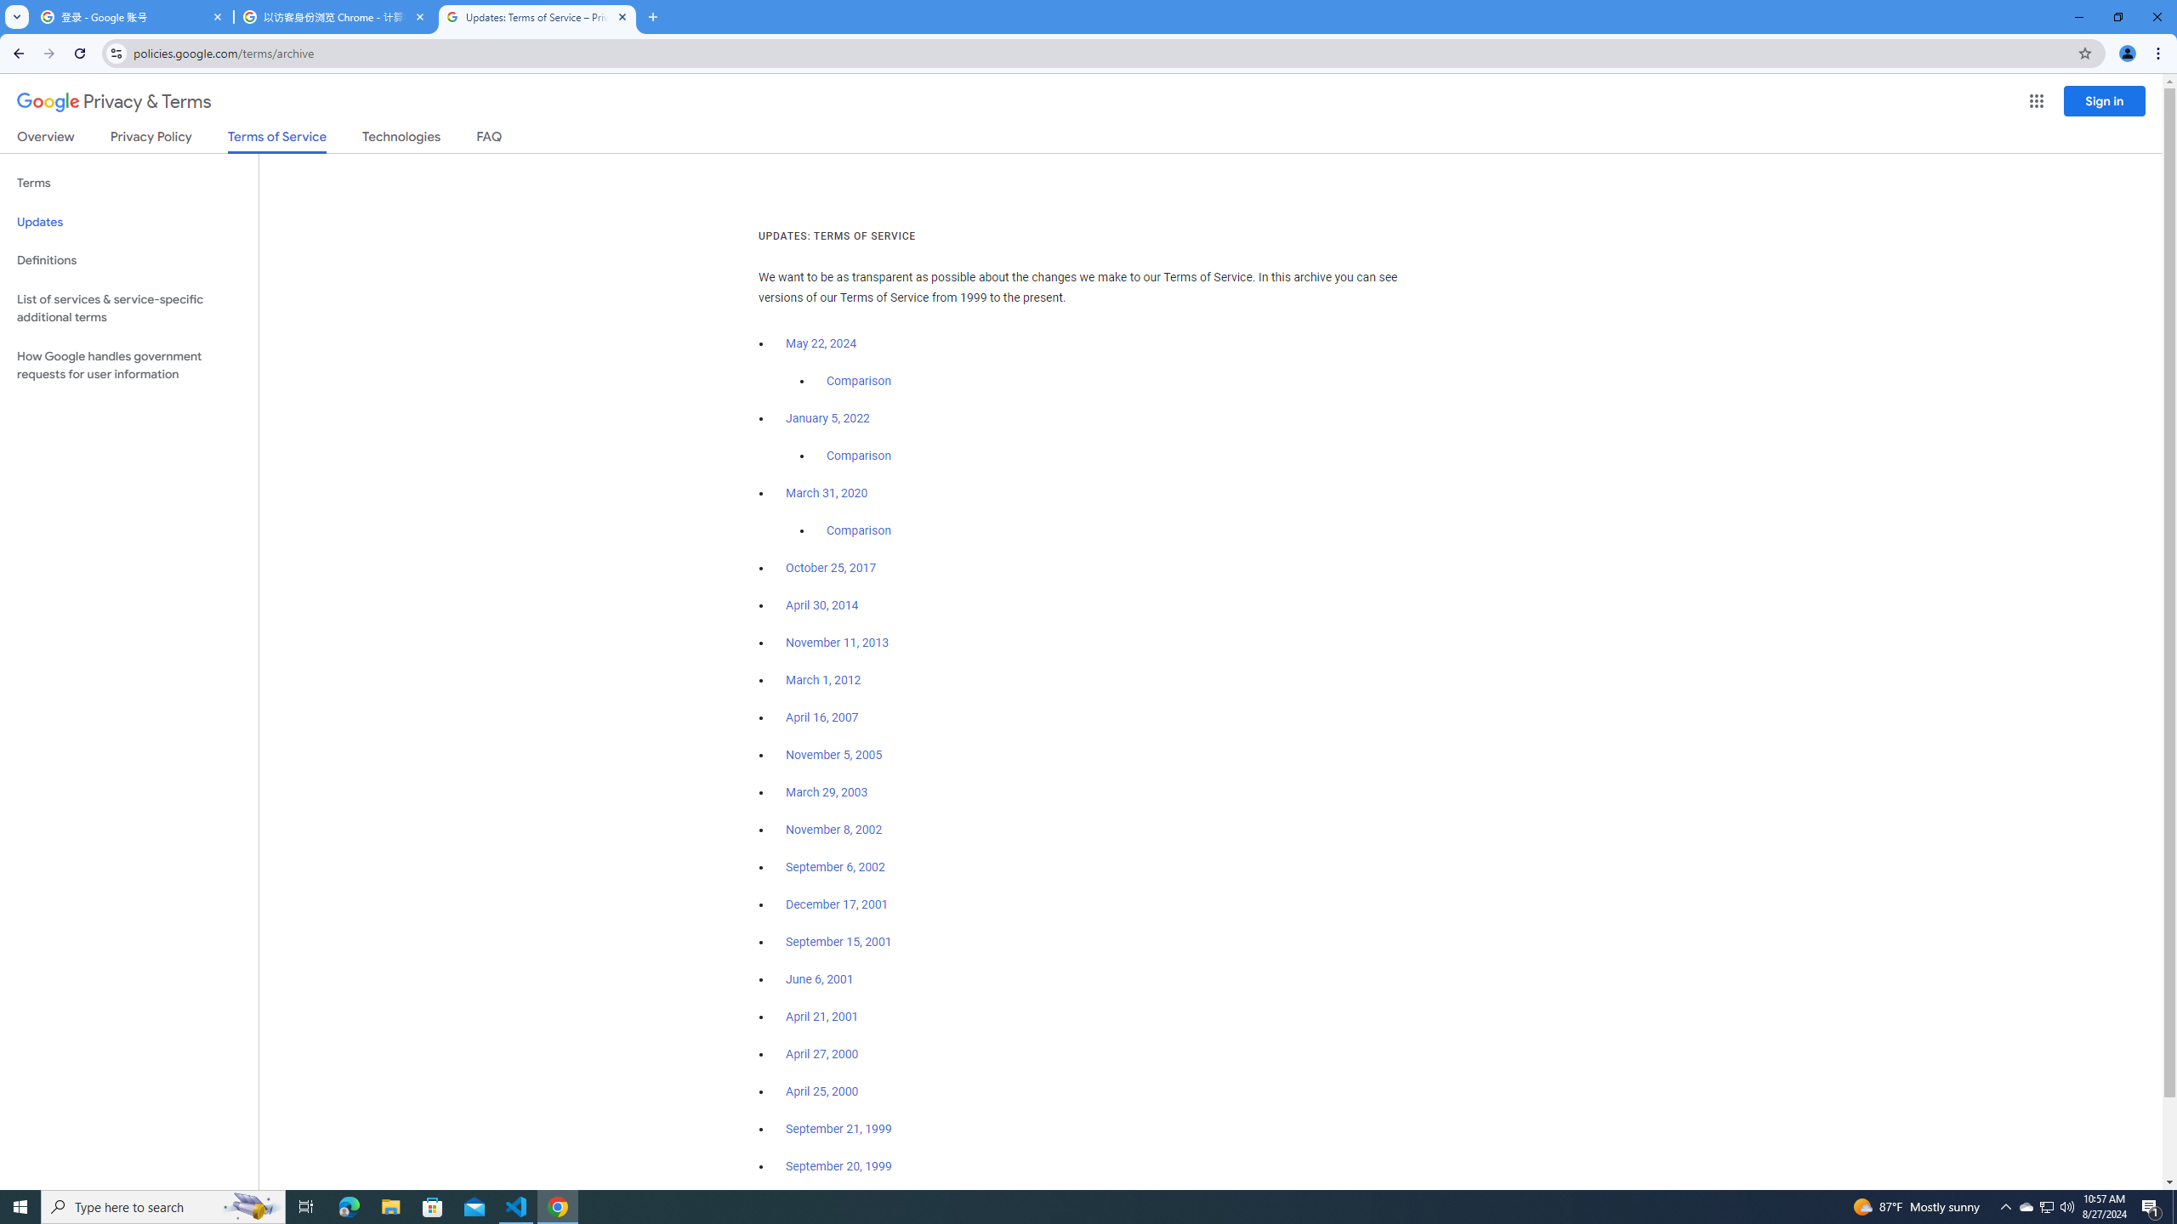 The width and height of the screenshot is (2177, 1224). What do you see at coordinates (826, 494) in the screenshot?
I see `'March 31, 2020'` at bounding box center [826, 494].